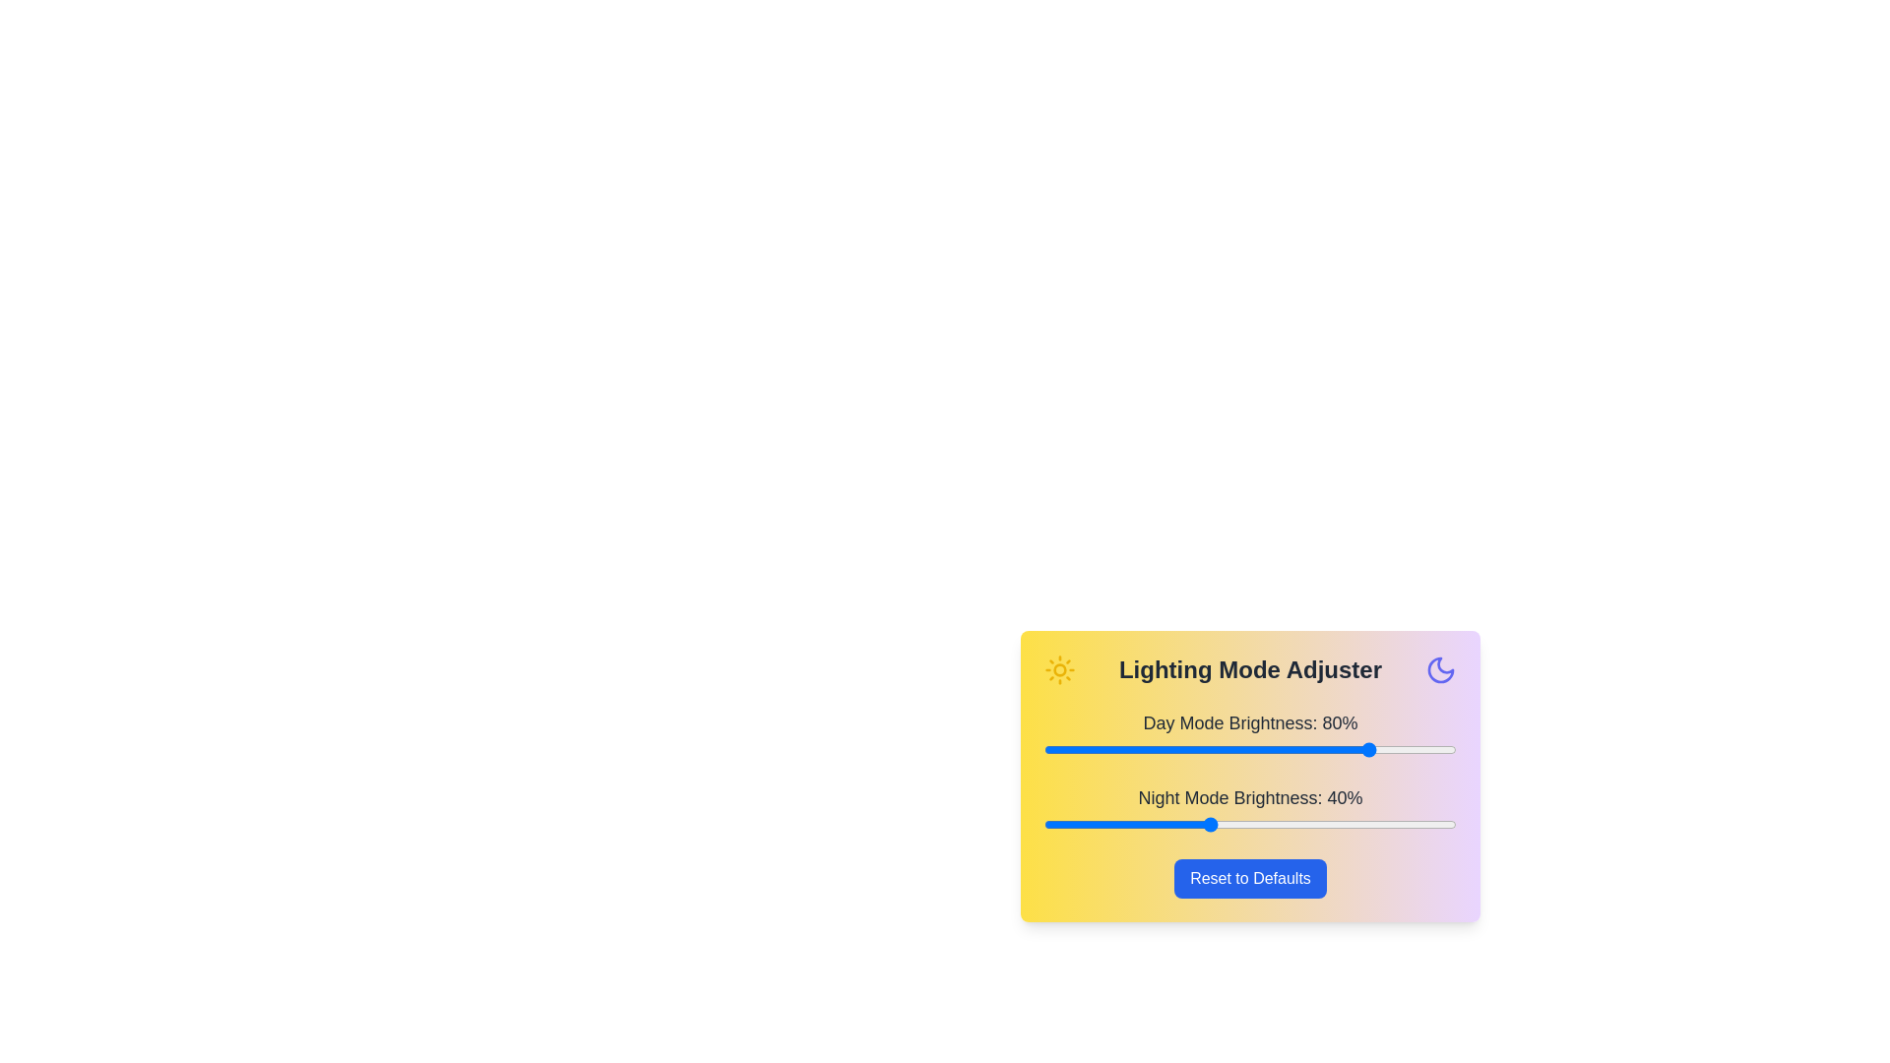 This screenshot has height=1063, width=1890. Describe the element at coordinates (1349, 824) in the screenshot. I see `the night mode brightness slider to 74%` at that location.